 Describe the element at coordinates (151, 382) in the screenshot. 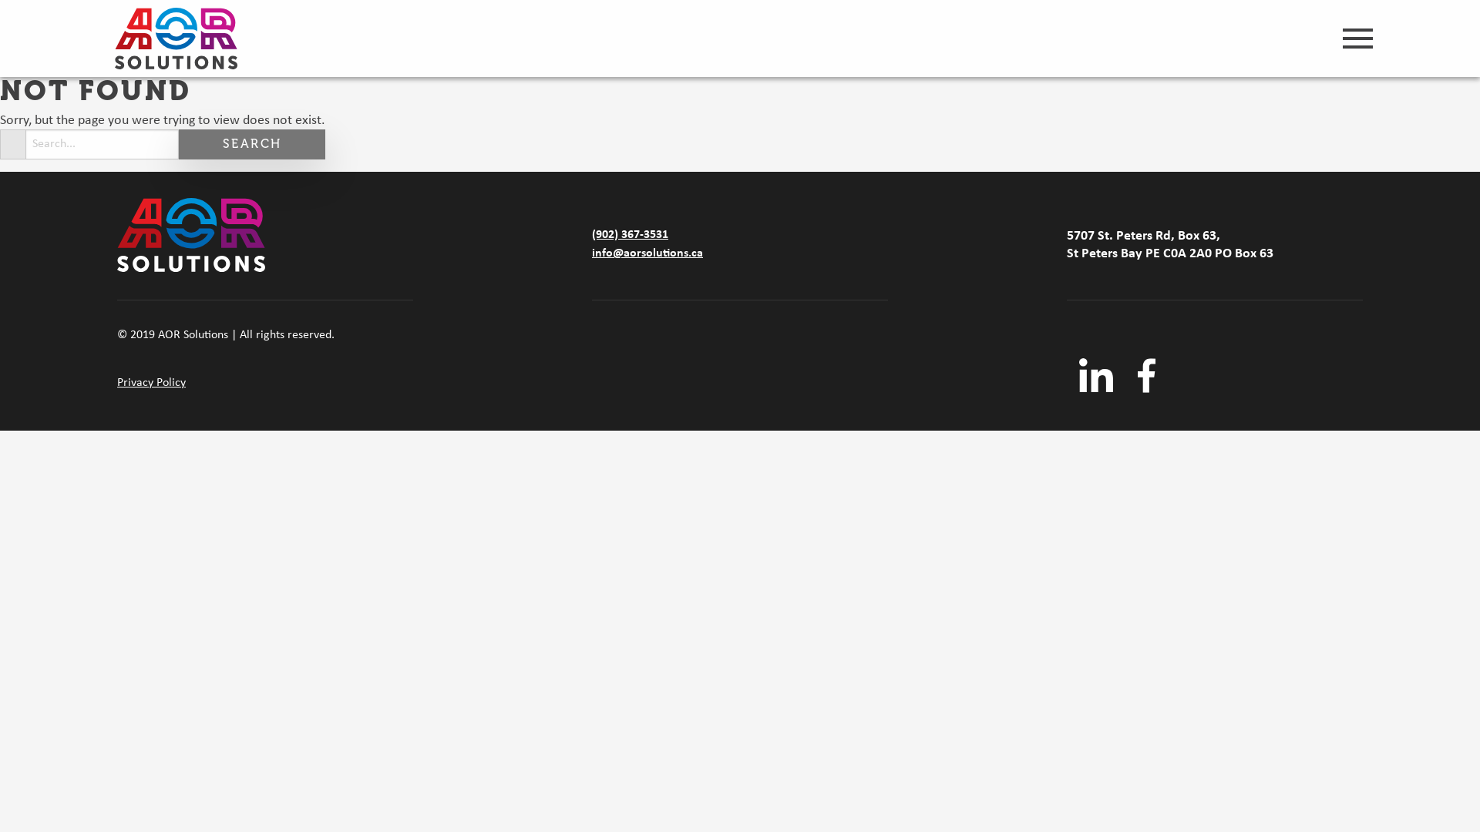

I see `'Privacy Policy'` at that location.